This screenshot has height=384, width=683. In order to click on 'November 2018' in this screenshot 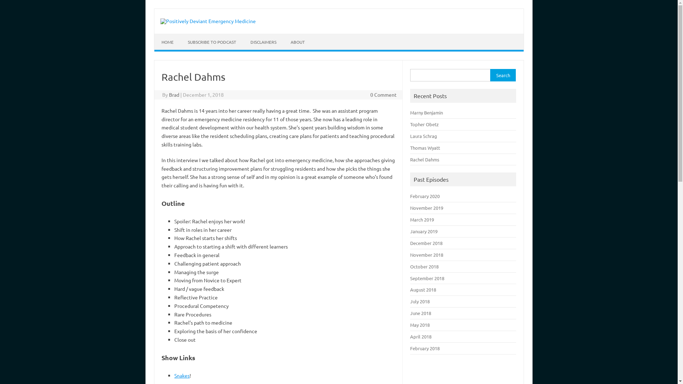, I will do `click(427, 254)`.